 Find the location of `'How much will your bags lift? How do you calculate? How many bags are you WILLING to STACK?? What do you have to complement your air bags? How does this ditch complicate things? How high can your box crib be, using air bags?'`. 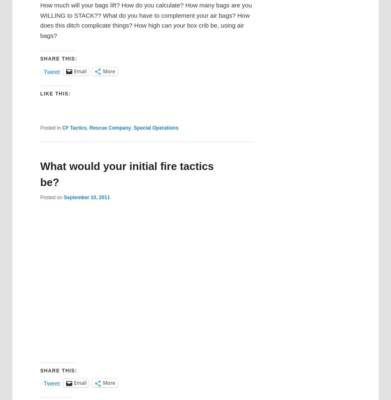

'How much will your bags lift? How do you calculate? How many bags are you WILLING to STACK?? What do you have to complement your air bags? How does this ditch complicate things? How high can your box crib be, using air bags?' is located at coordinates (145, 20).